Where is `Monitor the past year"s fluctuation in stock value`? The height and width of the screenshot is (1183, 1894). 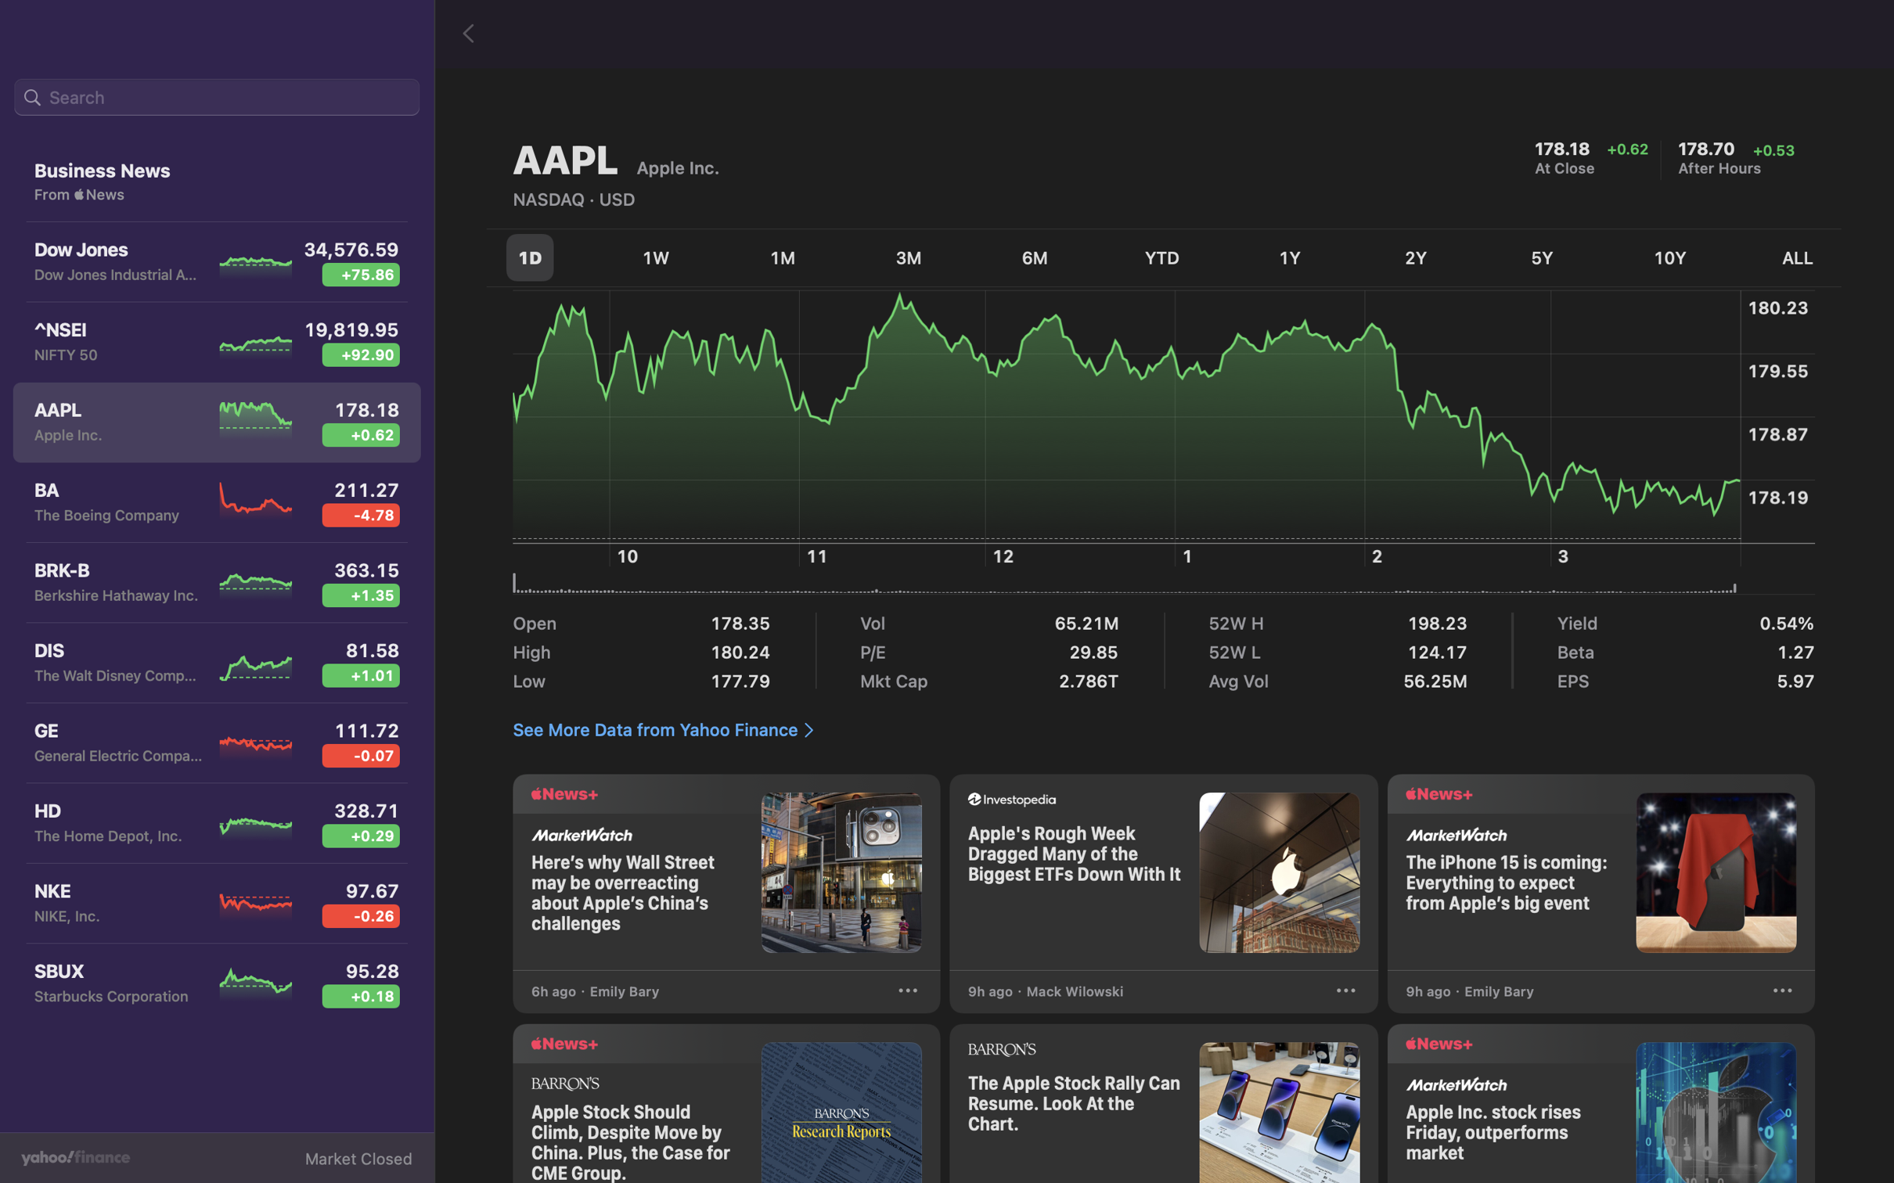 Monitor the past year"s fluctuation in stock value is located at coordinates (1291, 256).